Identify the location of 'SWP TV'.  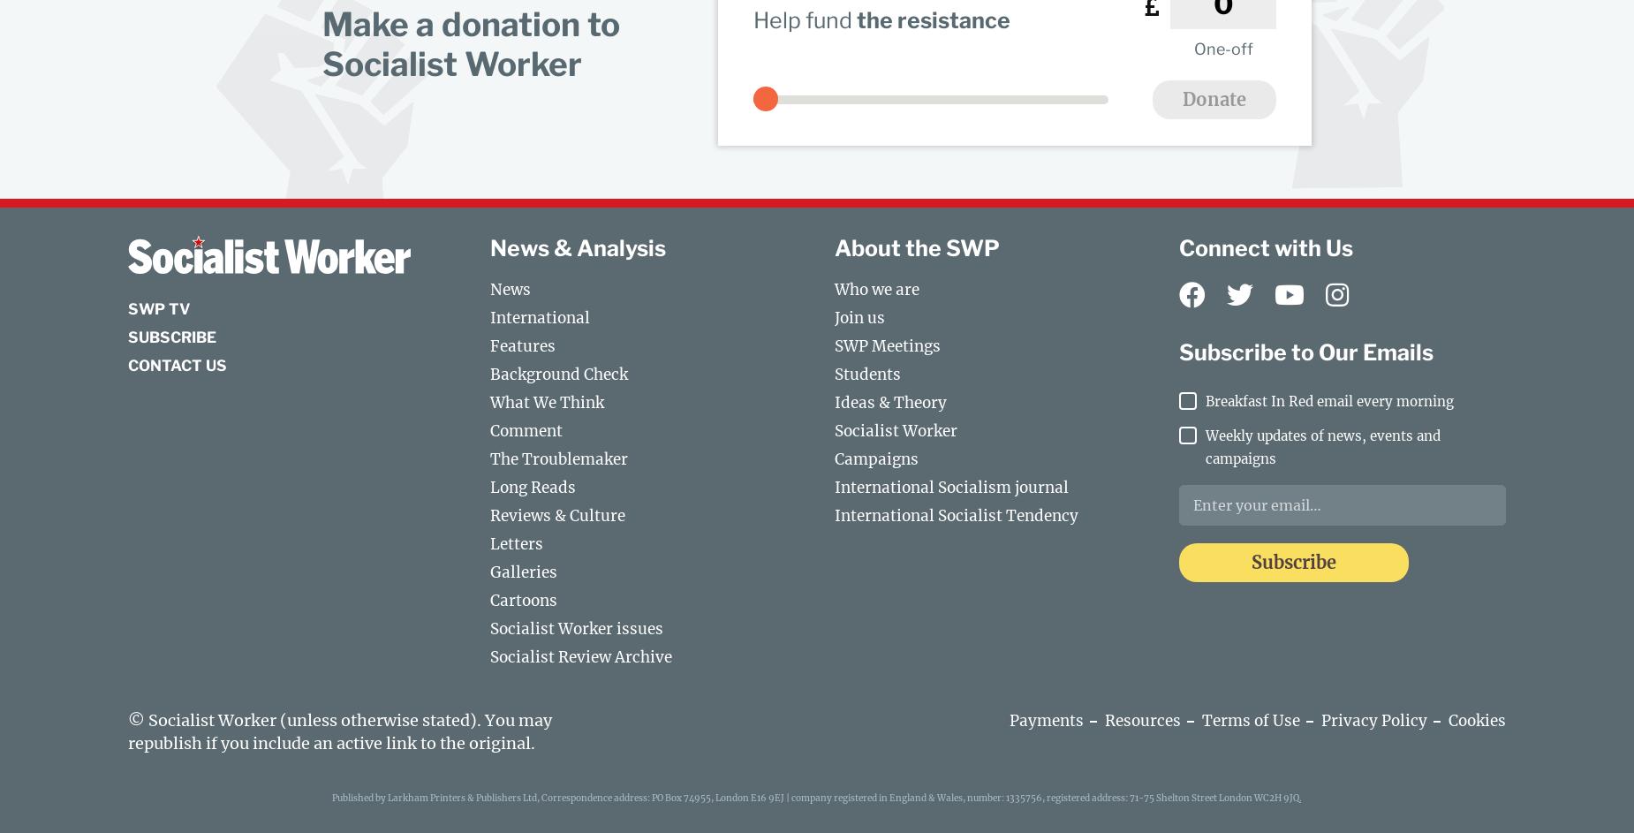
(127, 309).